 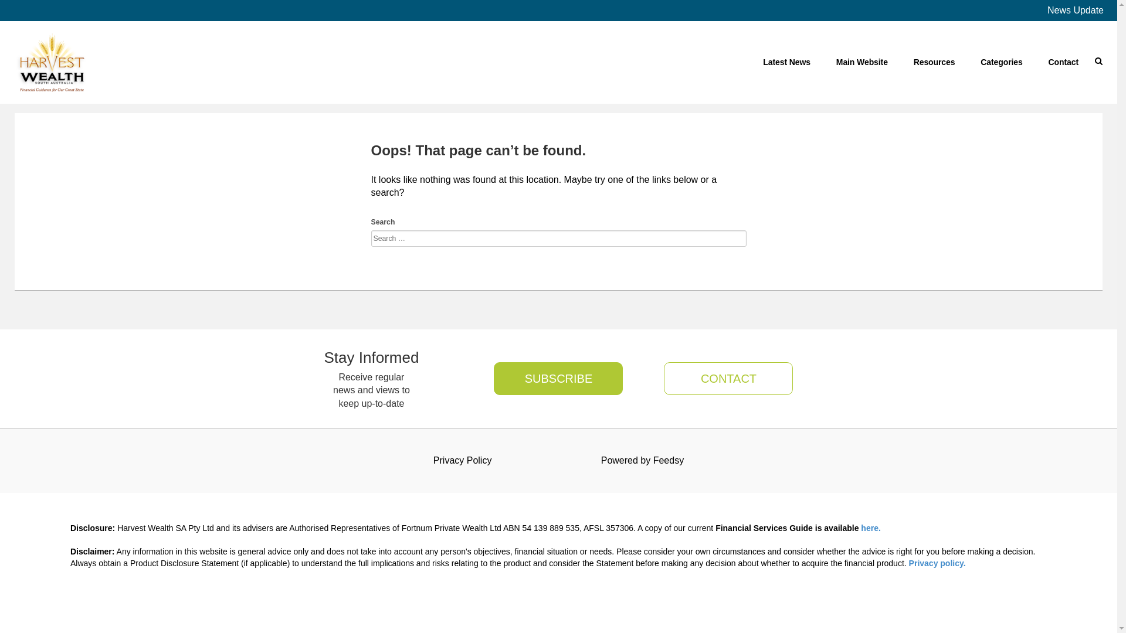 I want to click on 'Main Website', so click(x=862, y=62).